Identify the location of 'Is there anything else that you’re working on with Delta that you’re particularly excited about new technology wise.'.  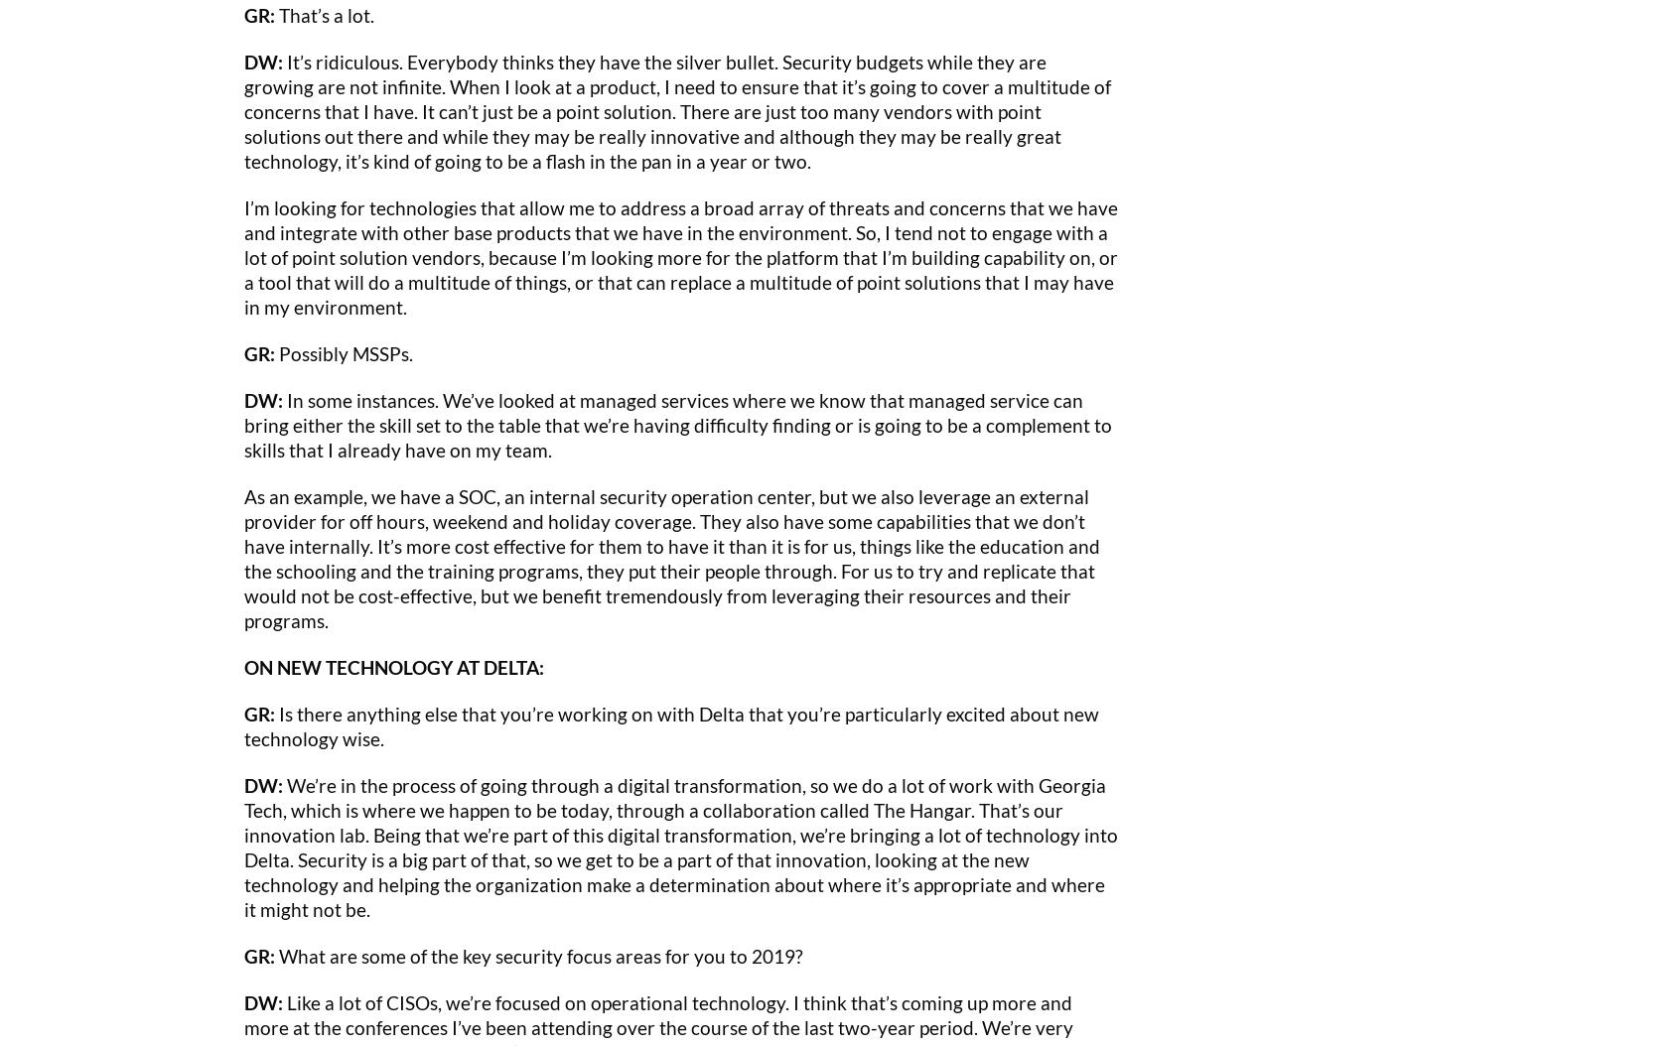
(671, 723).